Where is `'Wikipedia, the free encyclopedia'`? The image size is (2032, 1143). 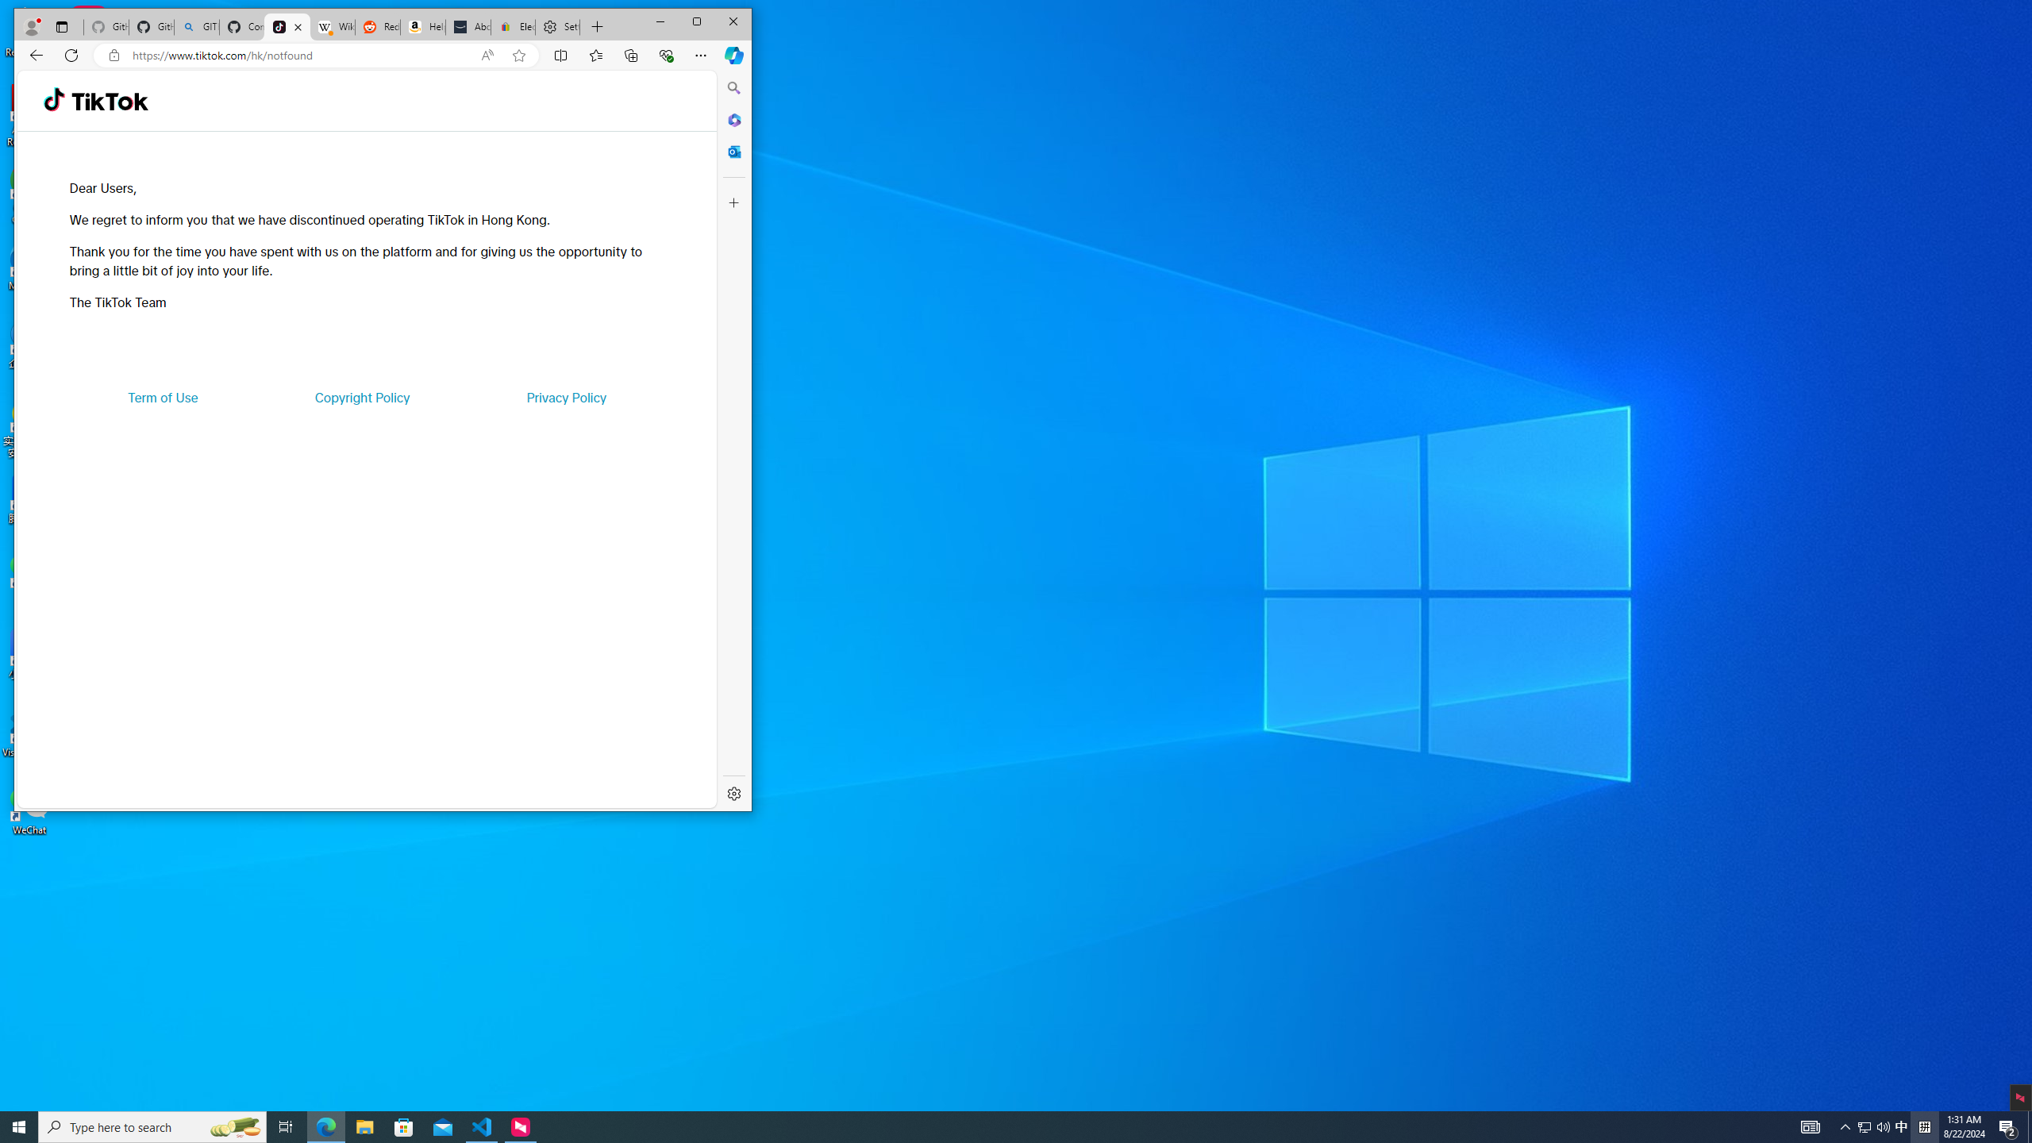 'Wikipedia, the free encyclopedia' is located at coordinates (331, 27).